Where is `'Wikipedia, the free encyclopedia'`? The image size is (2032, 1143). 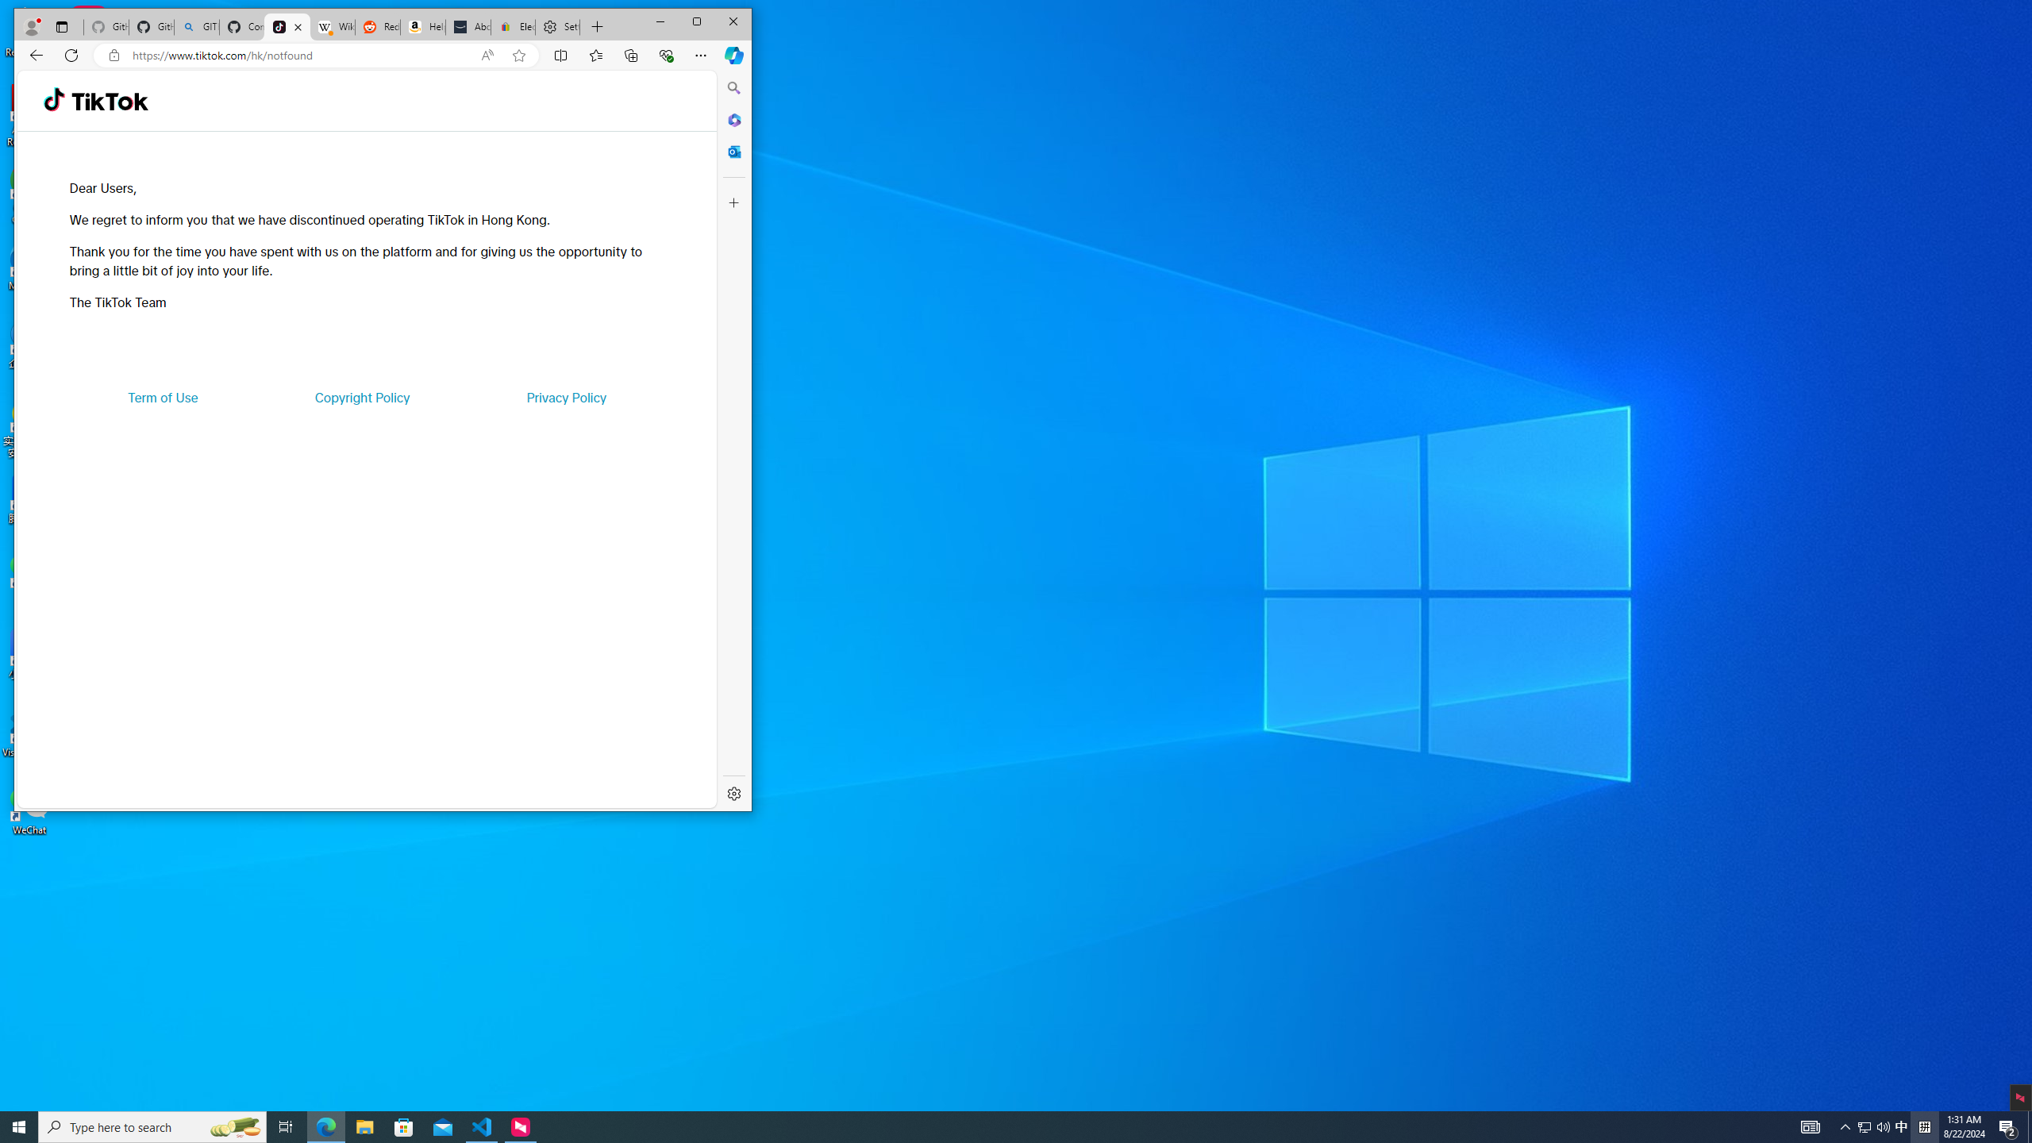 'Wikipedia, the free encyclopedia' is located at coordinates (331, 27).